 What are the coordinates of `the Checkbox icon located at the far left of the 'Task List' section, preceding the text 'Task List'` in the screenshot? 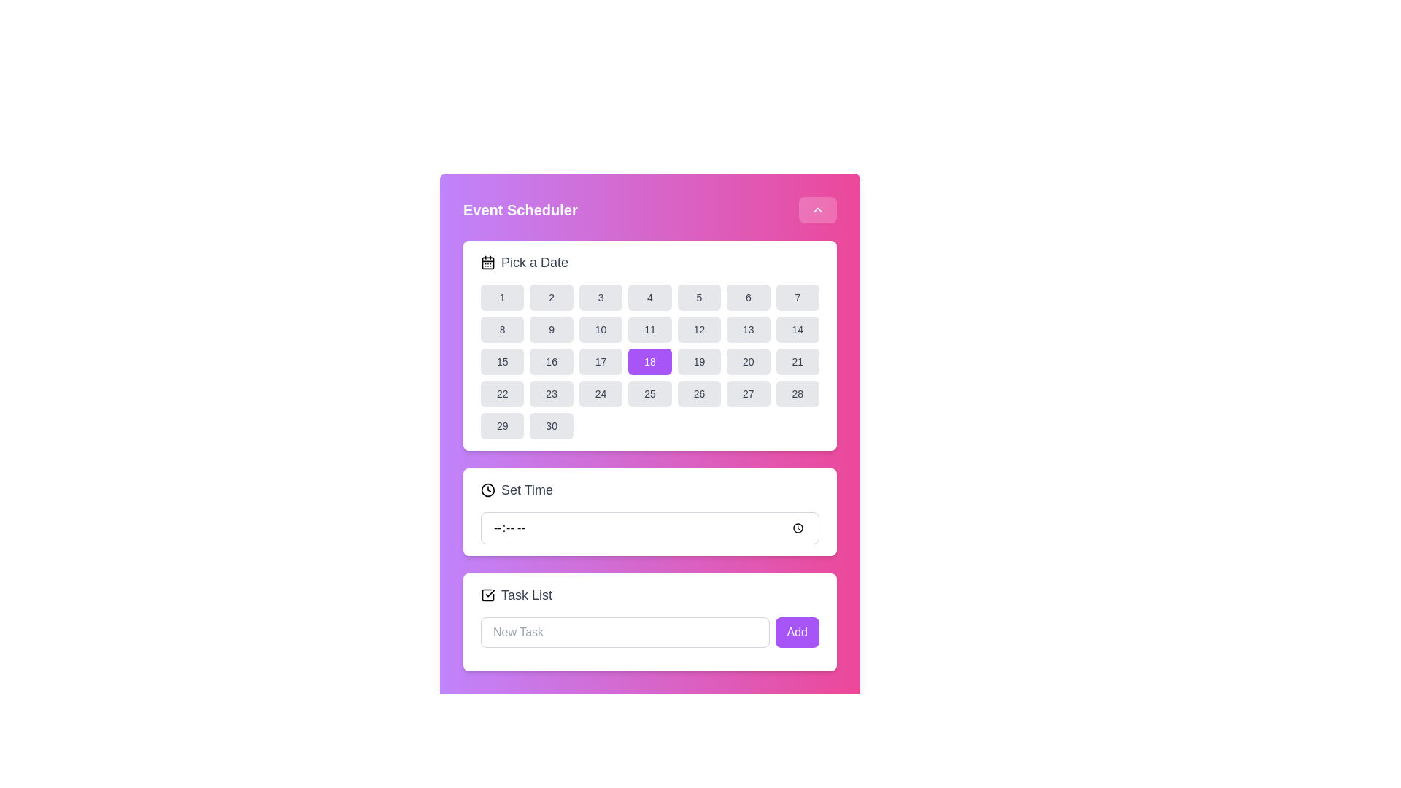 It's located at (487, 595).